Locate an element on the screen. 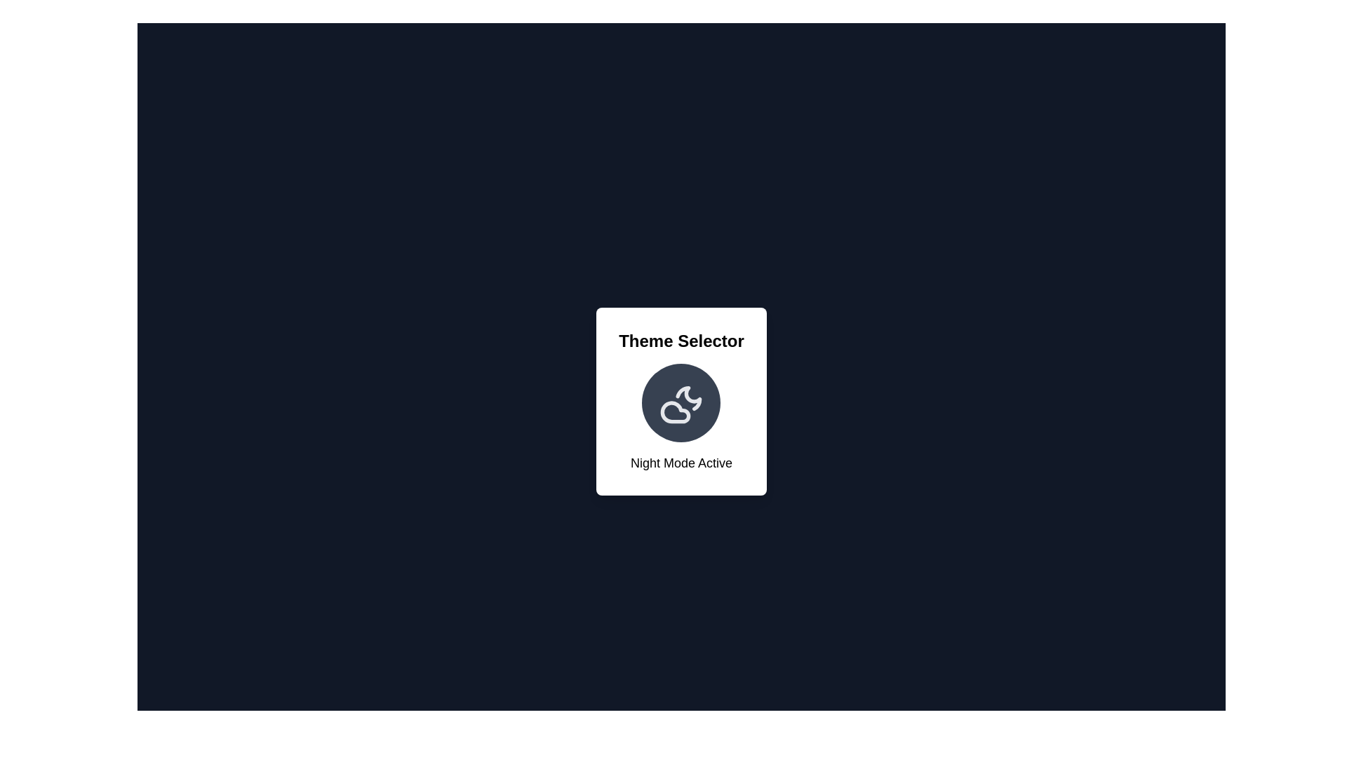 The image size is (1347, 757). circular icon in the center to toggle the theme is located at coordinates (681, 402).